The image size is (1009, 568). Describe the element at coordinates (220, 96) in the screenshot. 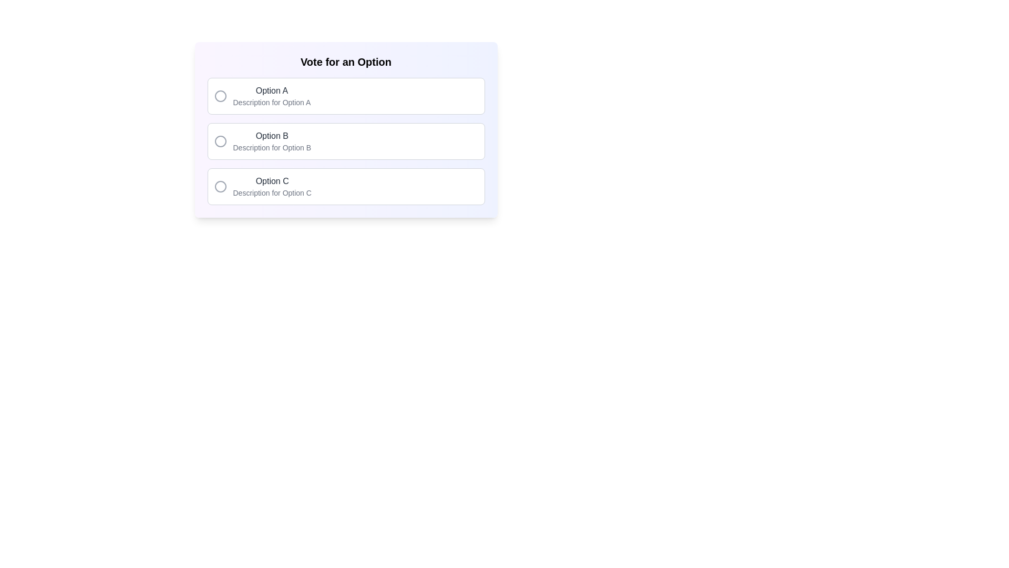

I see `the Circle graphic located at the beginning of the list item labeled 'Option A'` at that location.